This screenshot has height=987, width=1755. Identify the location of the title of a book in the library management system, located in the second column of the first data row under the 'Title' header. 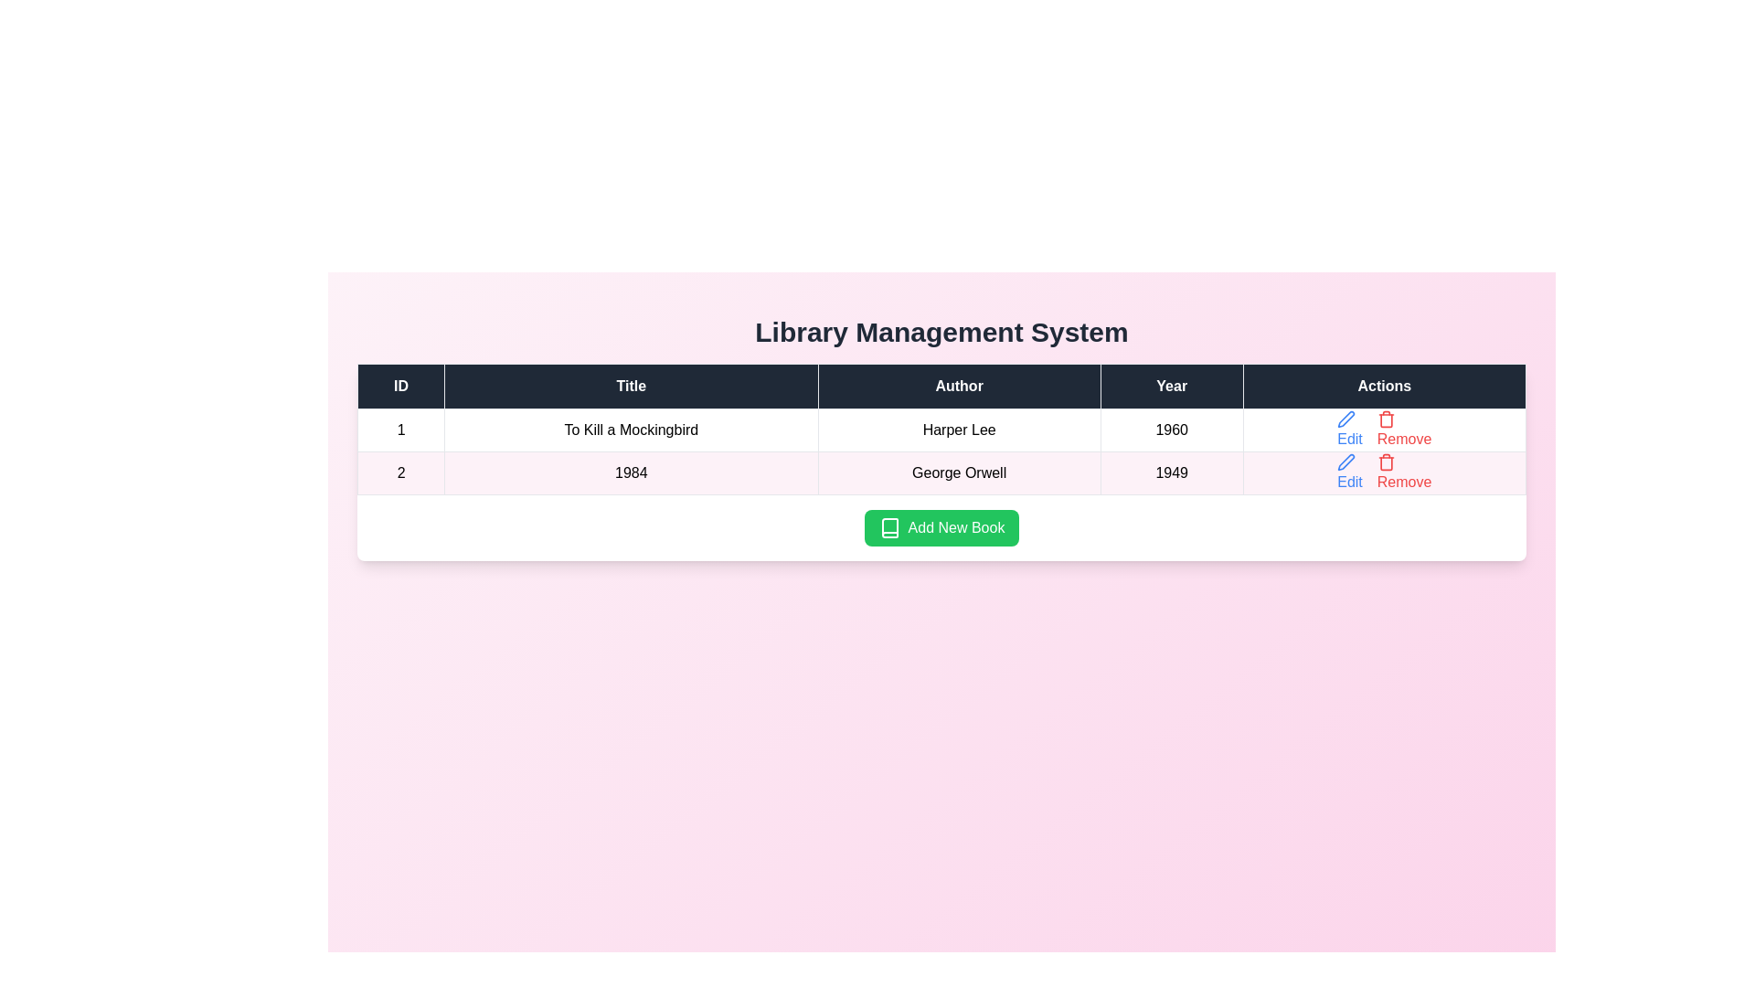
(631, 430).